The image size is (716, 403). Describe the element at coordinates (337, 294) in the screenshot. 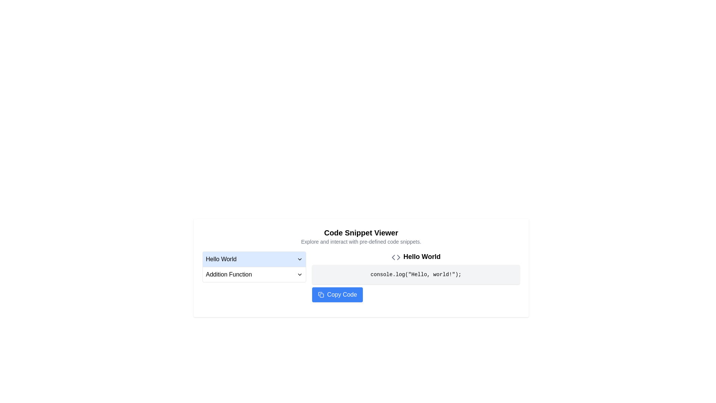

I see `the rectangular button with a vibrant blue background and white text reading 'Copy Code'` at that location.